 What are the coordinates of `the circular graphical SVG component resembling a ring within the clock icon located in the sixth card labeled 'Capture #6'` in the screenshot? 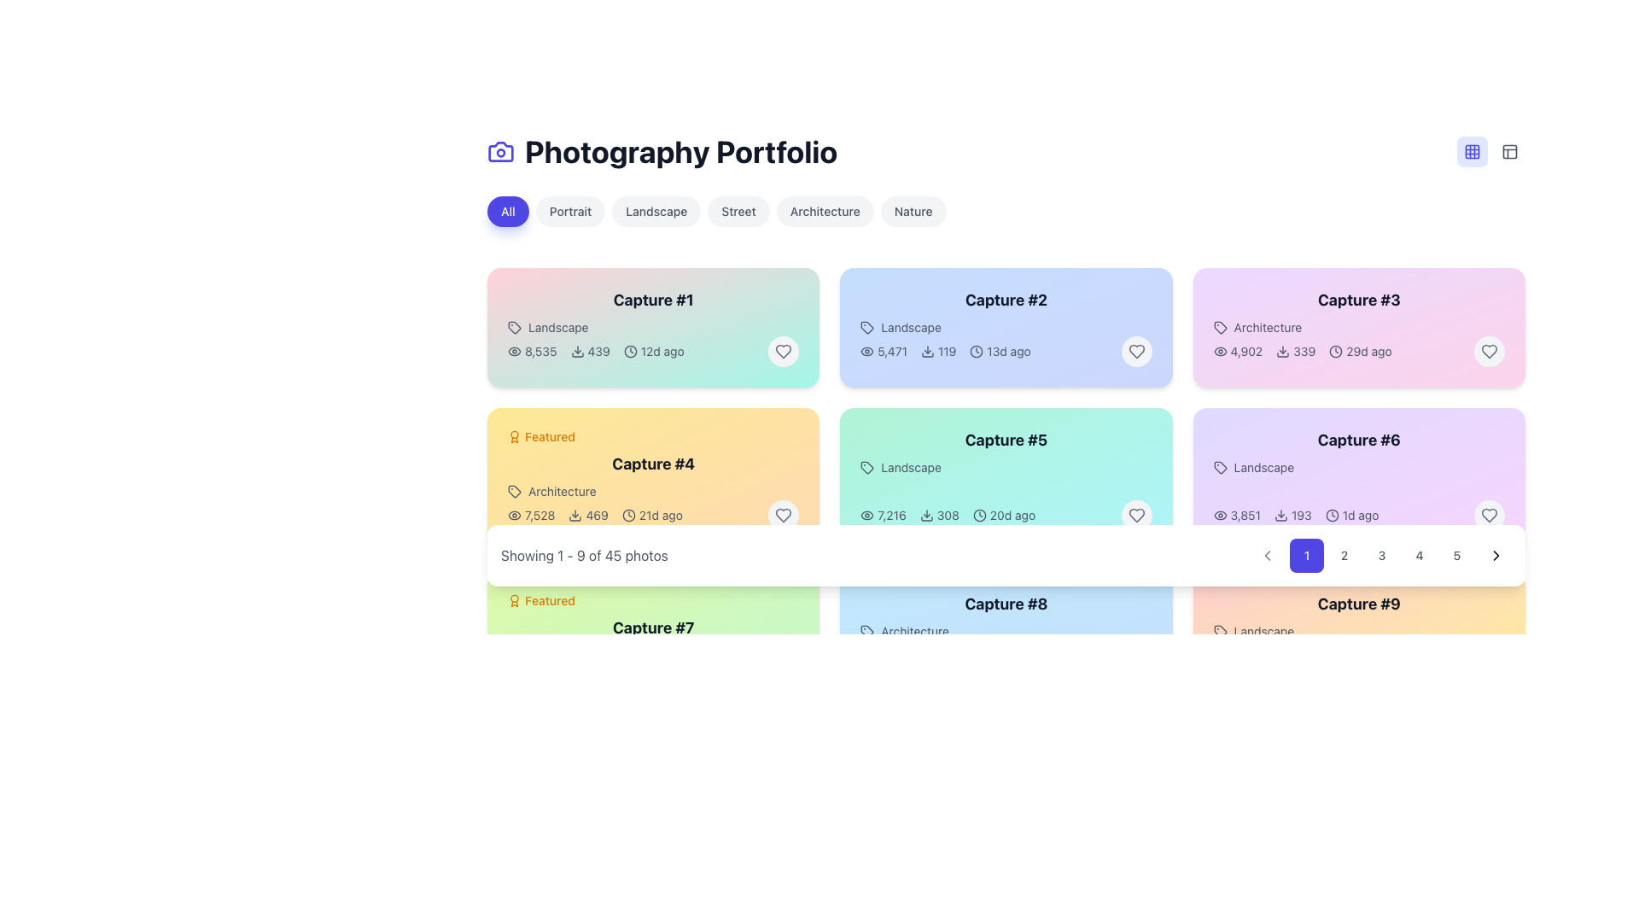 It's located at (1331, 515).